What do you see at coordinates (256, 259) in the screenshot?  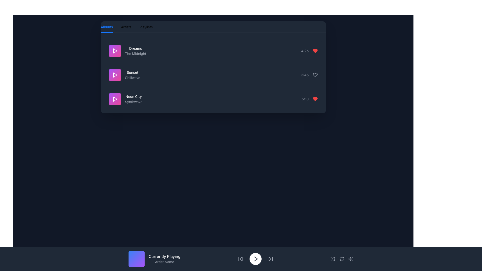 I see `the play button icon located in the bottom center of the interface, which is part of the playback control bar, to play the audio track` at bounding box center [256, 259].